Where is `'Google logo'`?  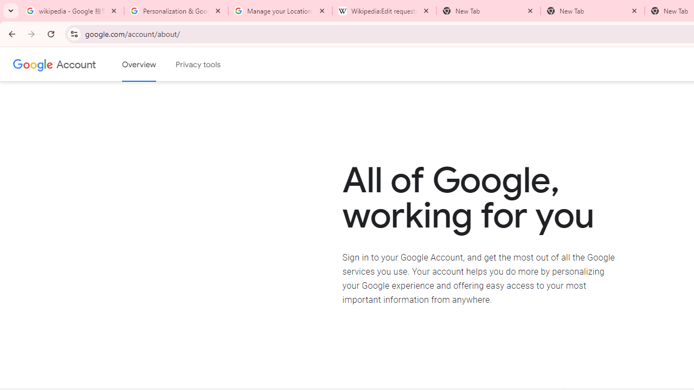
'Google logo' is located at coordinates (33, 64).